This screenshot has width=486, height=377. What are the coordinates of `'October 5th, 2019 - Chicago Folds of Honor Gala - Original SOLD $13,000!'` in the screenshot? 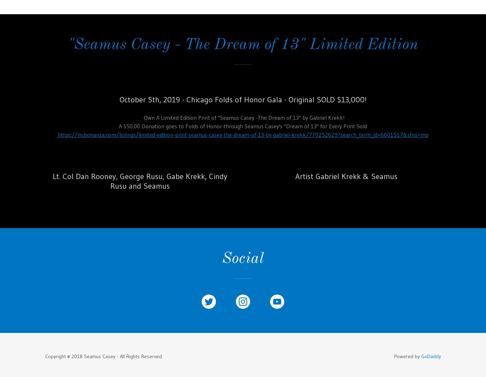 It's located at (242, 99).